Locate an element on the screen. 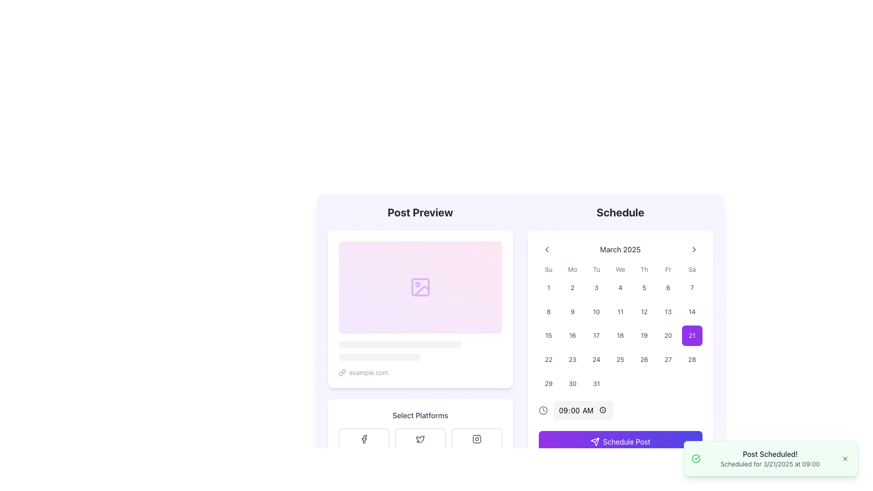 The width and height of the screenshot is (873, 491). the Twitter icon button is located at coordinates (420, 438).